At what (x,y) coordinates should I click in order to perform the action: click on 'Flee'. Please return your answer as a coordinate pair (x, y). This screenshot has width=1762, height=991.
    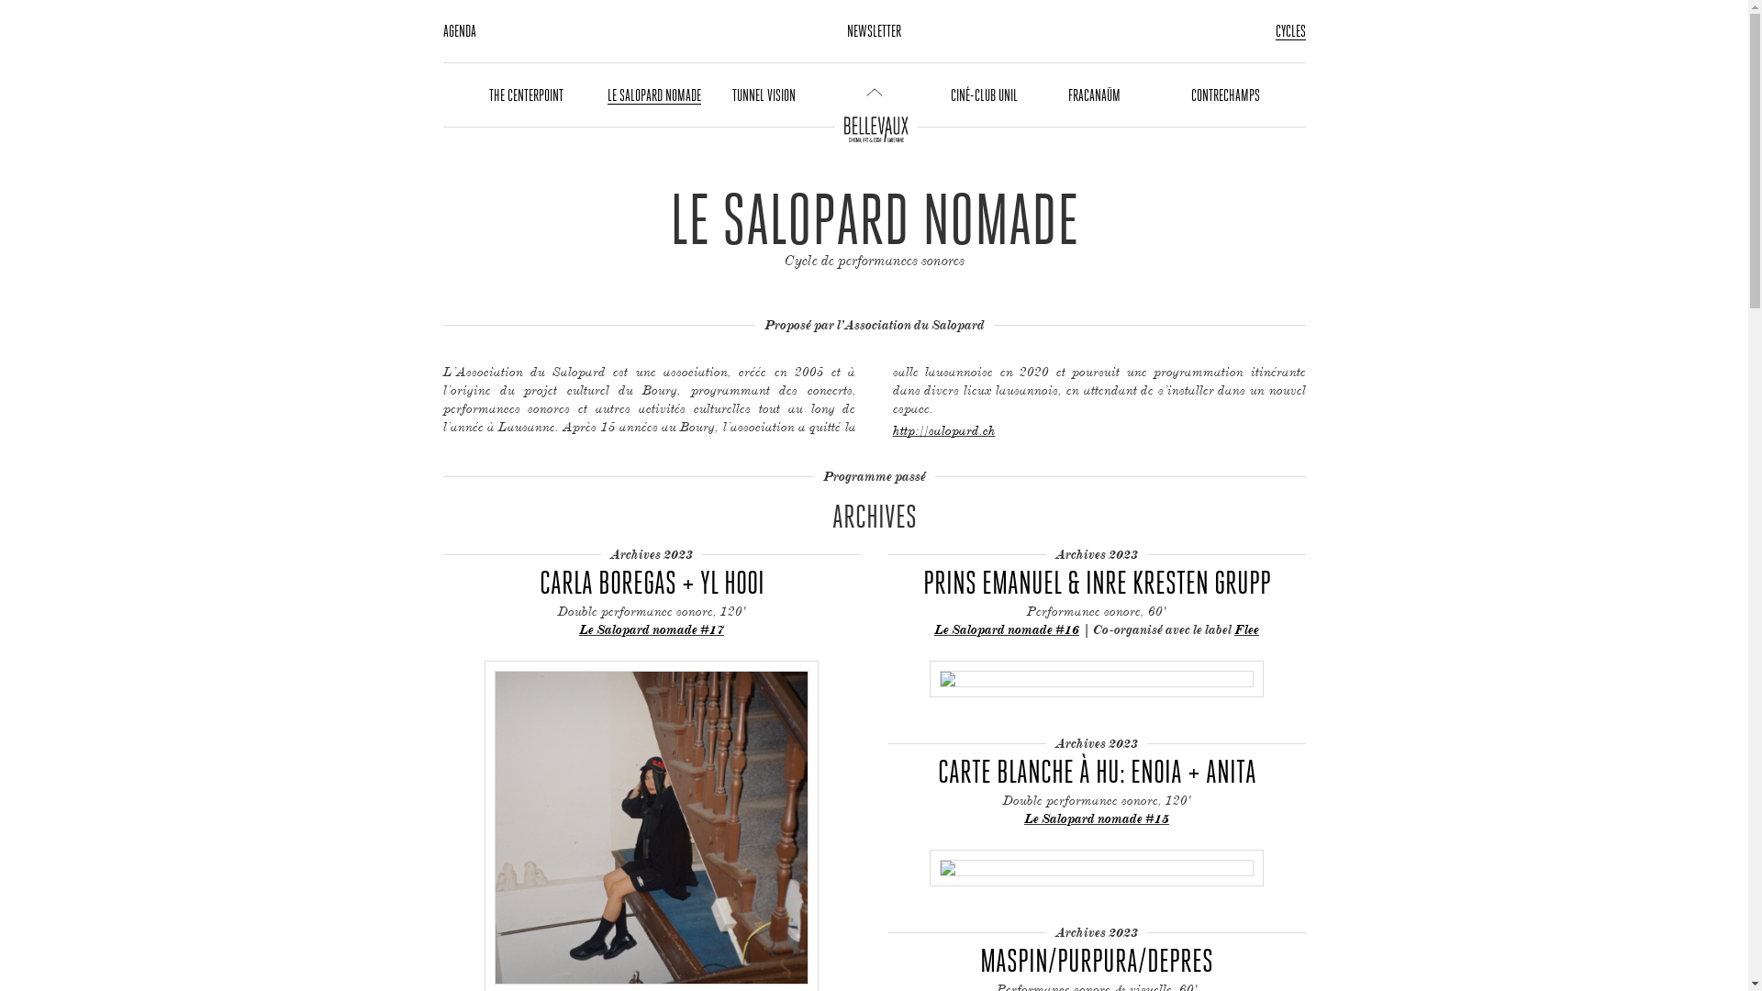
    Looking at the image, I should click on (1246, 629).